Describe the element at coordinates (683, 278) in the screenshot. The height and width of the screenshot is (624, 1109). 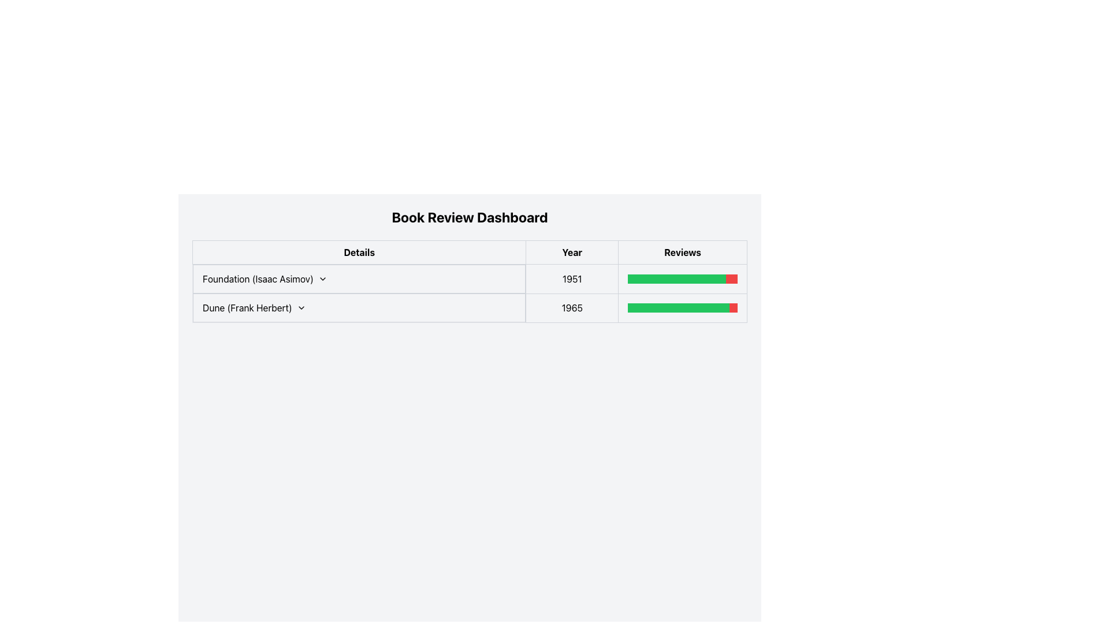
I see `the green and red progress bar located in the rightmost column labeled 'Reviews' of the first row in the table, adjacent to the 'Year' column value of '1951.'` at that location.